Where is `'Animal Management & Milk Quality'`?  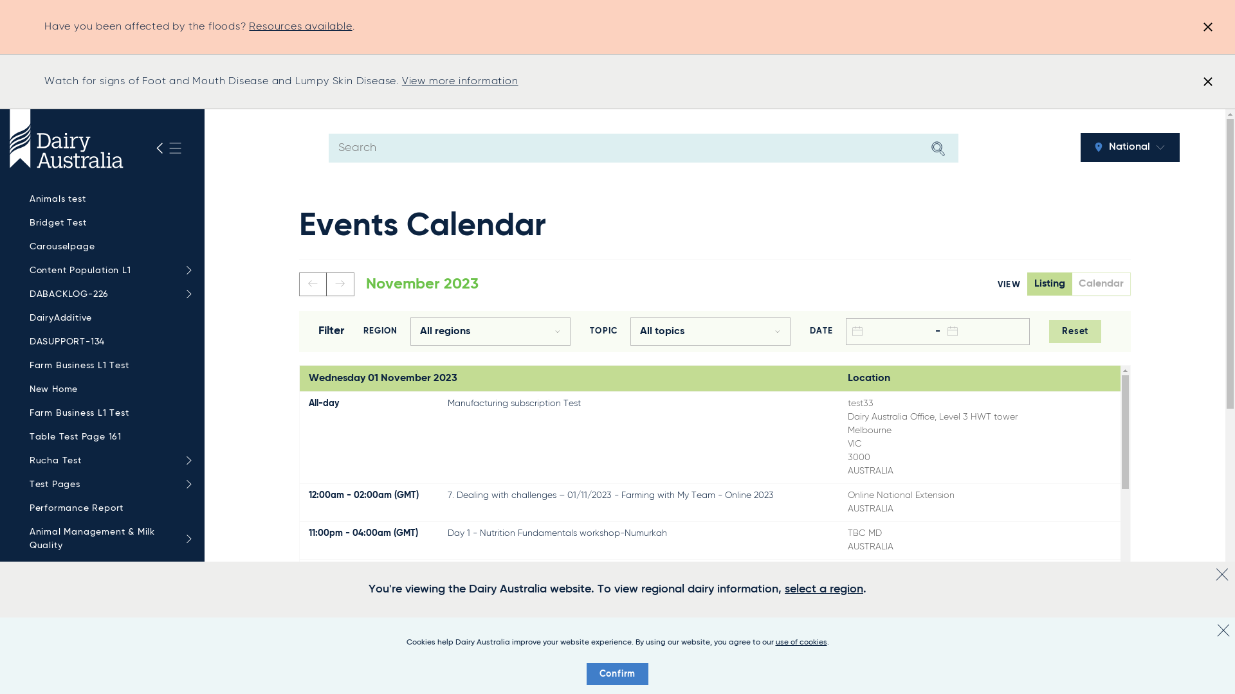 'Animal Management & Milk Quality' is located at coordinates (107, 539).